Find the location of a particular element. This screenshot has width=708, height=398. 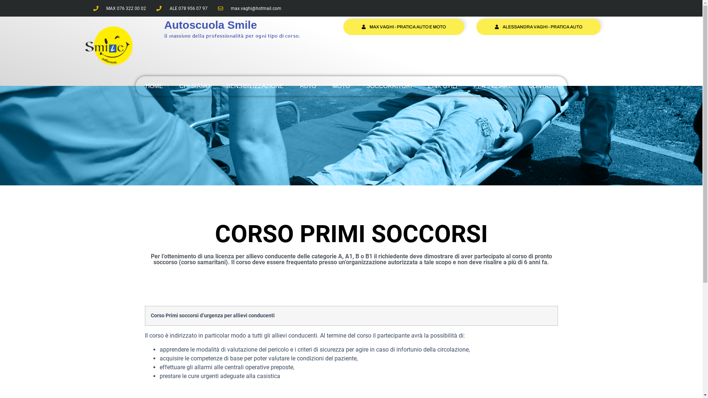

'LINK UTILI' is located at coordinates (442, 86).